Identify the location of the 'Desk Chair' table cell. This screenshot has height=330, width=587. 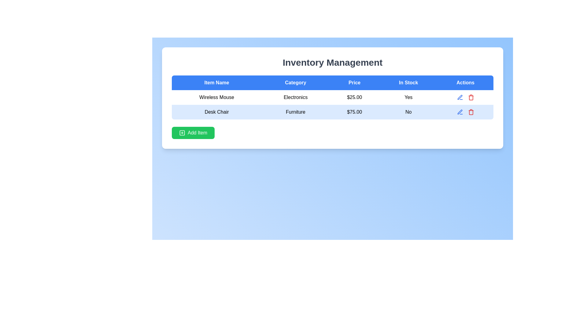
(216, 112).